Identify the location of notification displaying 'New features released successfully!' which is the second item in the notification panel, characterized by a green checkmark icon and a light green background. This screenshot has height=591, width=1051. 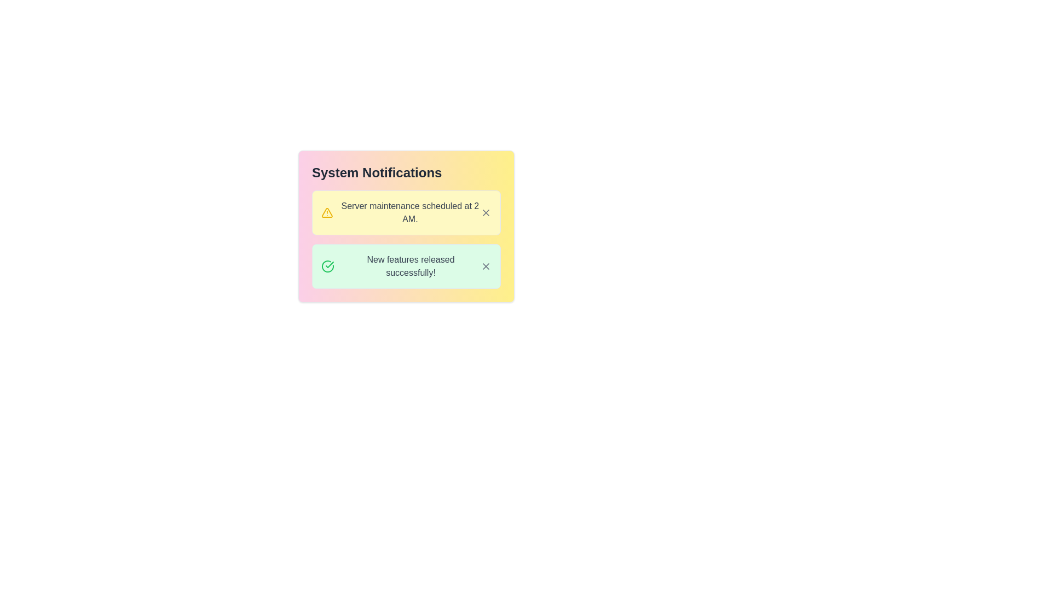
(400, 266).